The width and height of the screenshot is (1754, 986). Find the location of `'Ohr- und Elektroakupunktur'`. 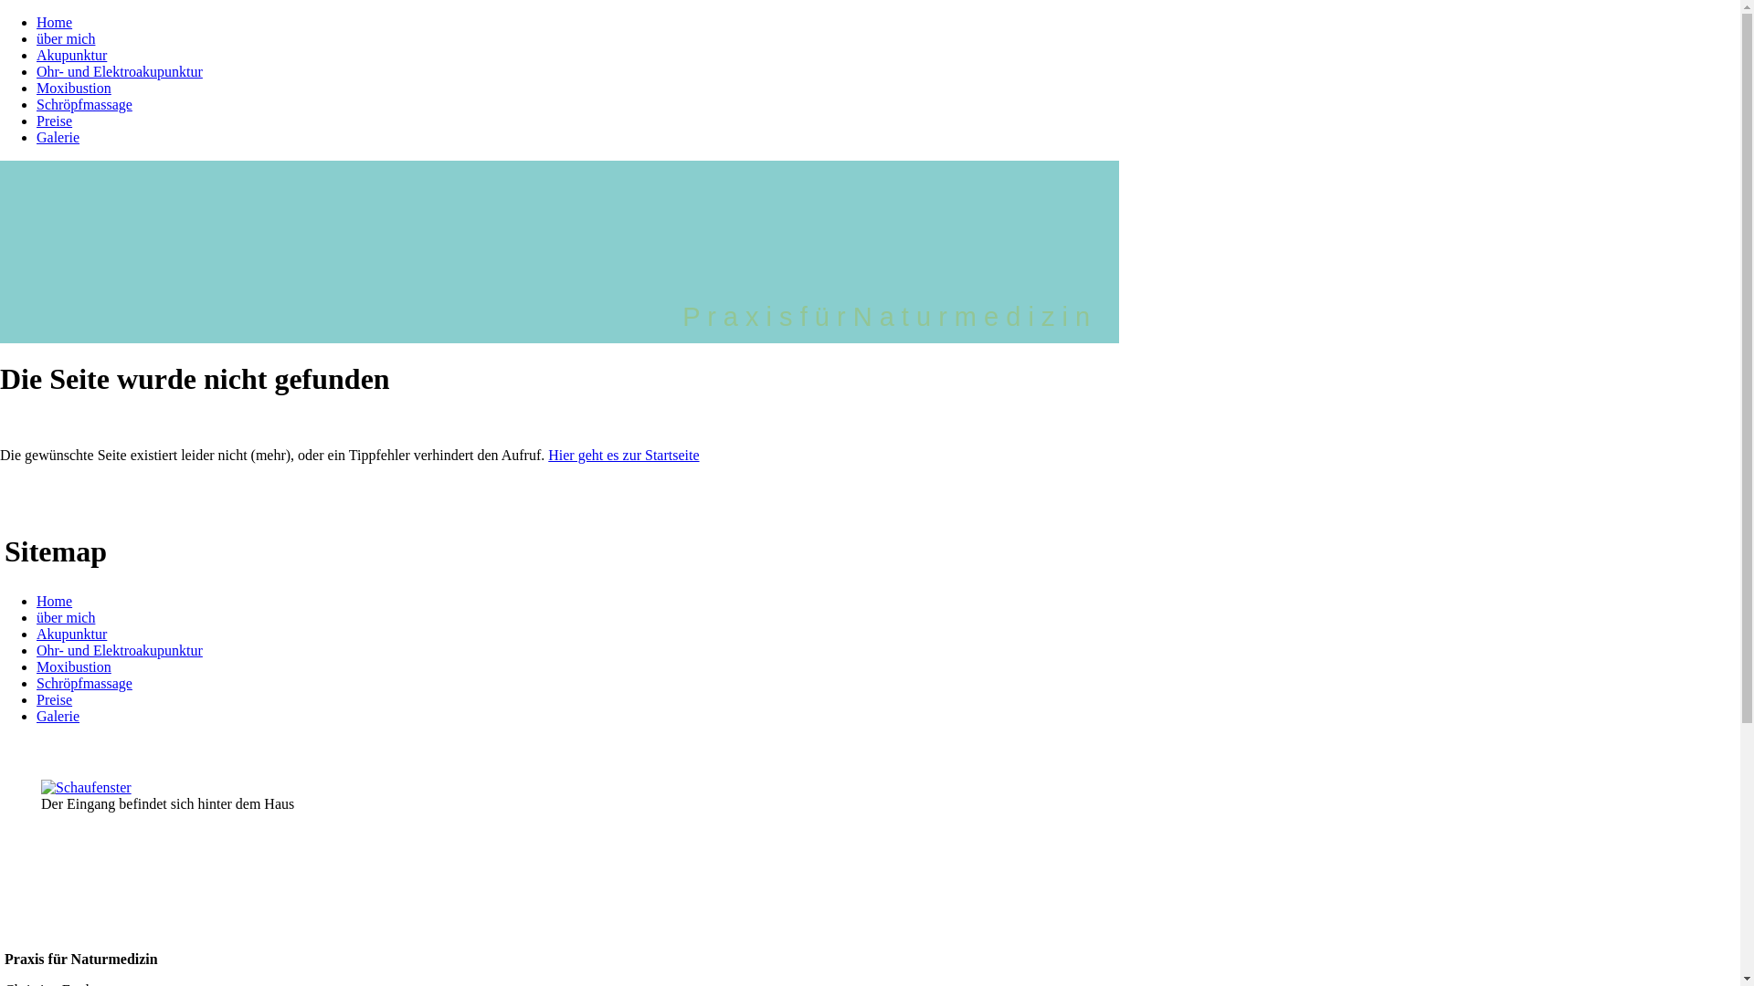

'Ohr- und Elektroakupunktur' is located at coordinates (118, 649).